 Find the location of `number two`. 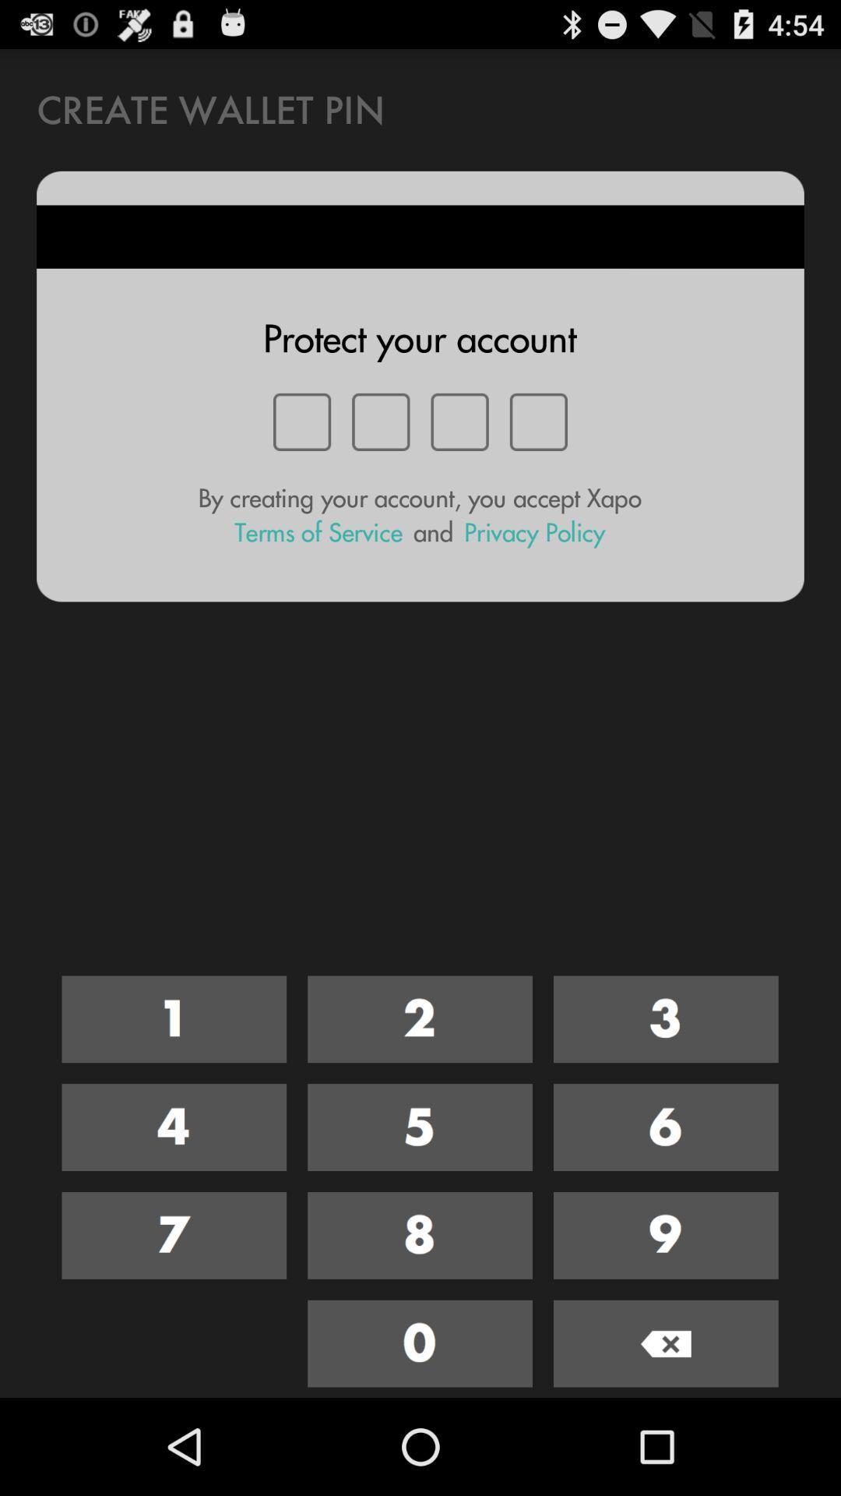

number two is located at coordinates (419, 1019).